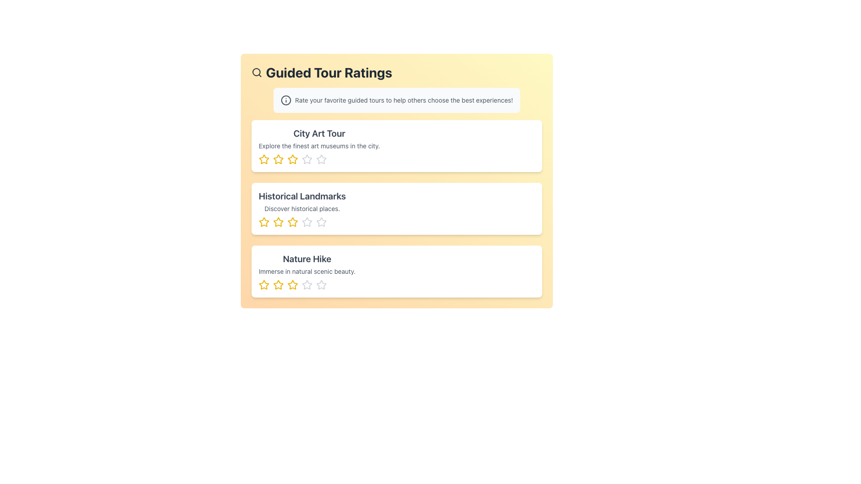 Image resolution: width=861 pixels, height=484 pixels. I want to click on the fifth star icon in the rating bar for the 'City Art Tour', so click(321, 159).